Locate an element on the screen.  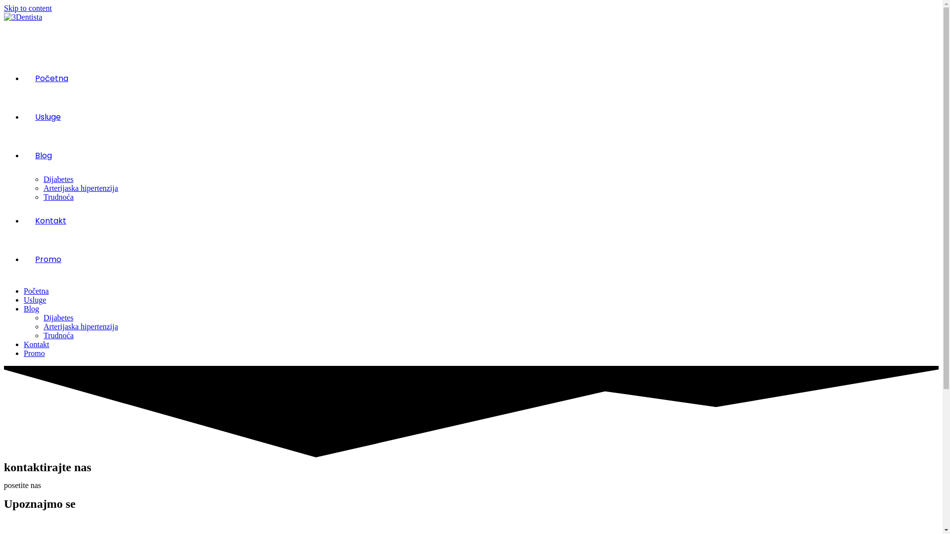
'Dijabetes' is located at coordinates (58, 317).